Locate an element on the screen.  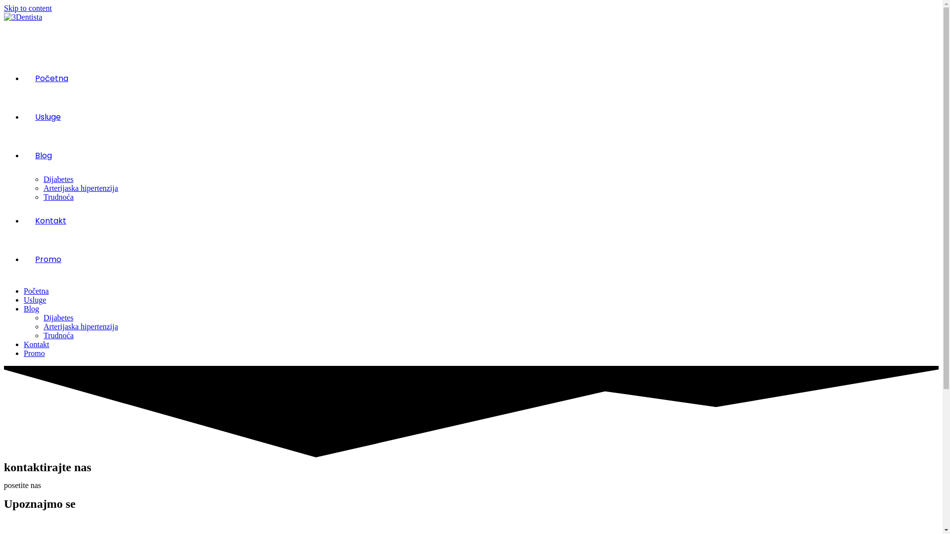
'Dijabetes' is located at coordinates (58, 317).